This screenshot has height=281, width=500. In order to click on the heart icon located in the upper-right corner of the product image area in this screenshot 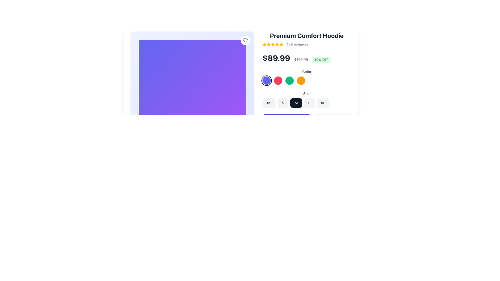, I will do `click(245, 40)`.